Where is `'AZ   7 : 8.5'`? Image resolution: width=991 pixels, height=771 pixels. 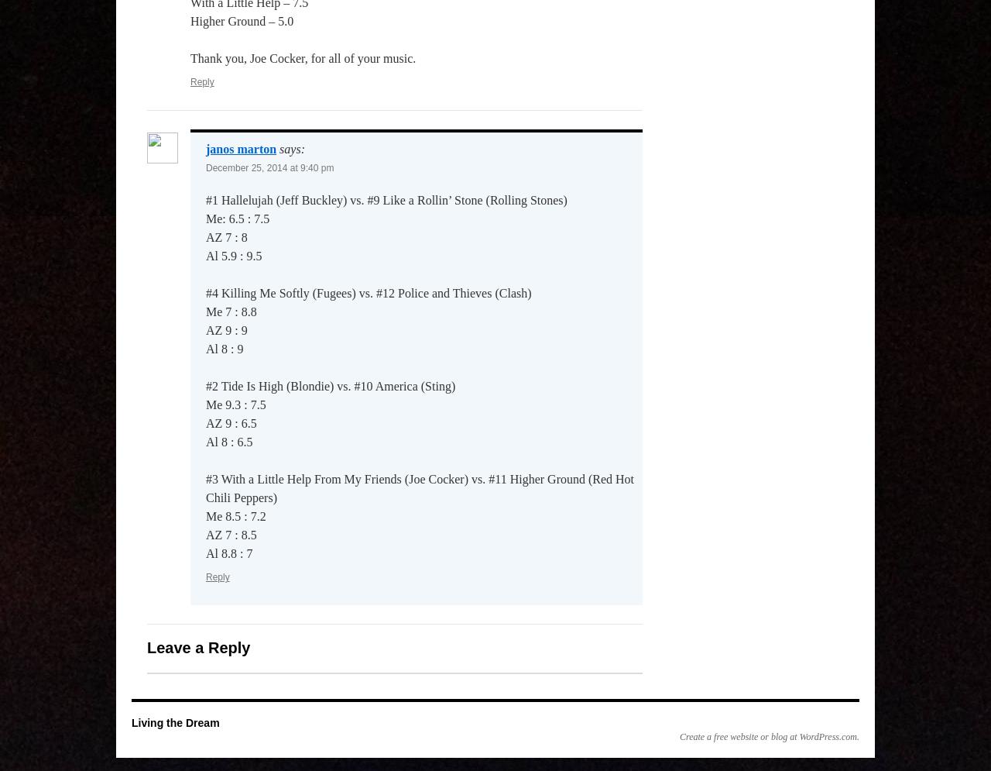 'AZ   7 : 8.5' is located at coordinates (230, 535).